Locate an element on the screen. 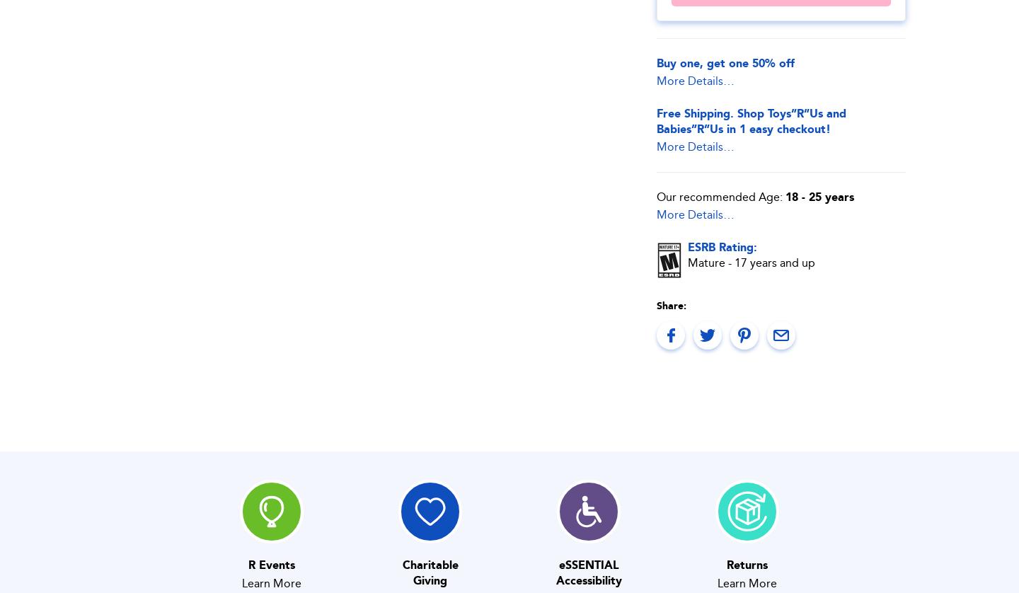 The image size is (1019, 593). 'eSSENTIAL' is located at coordinates (588, 564).